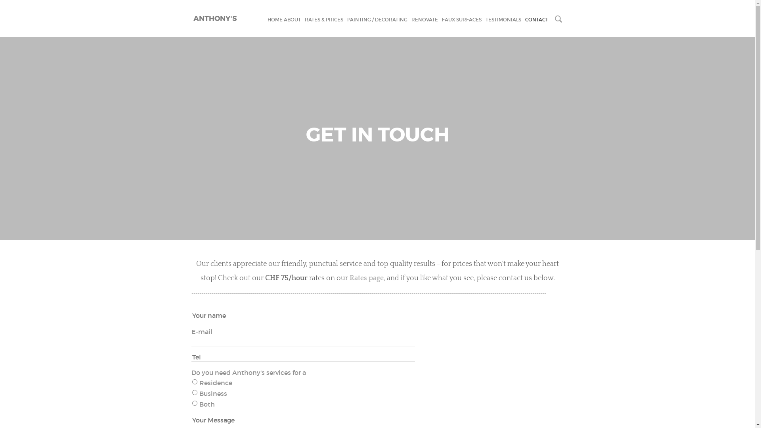  Describe the element at coordinates (283, 19) in the screenshot. I see `'HOME ABOUT'` at that location.